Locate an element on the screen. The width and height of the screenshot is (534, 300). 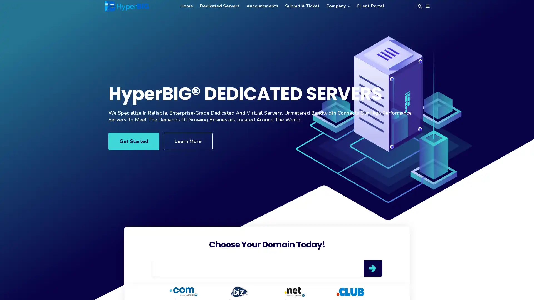
CHECK is located at coordinates (372, 268).